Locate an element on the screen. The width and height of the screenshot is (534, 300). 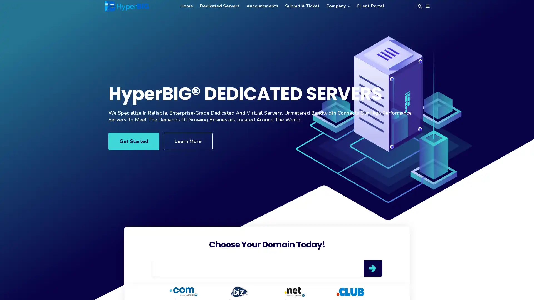
CHECK is located at coordinates (372, 268).